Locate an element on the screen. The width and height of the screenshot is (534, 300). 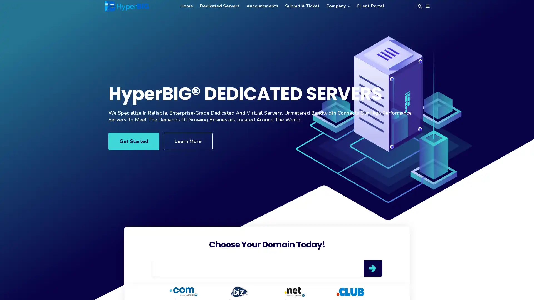
CHECK is located at coordinates (372, 268).